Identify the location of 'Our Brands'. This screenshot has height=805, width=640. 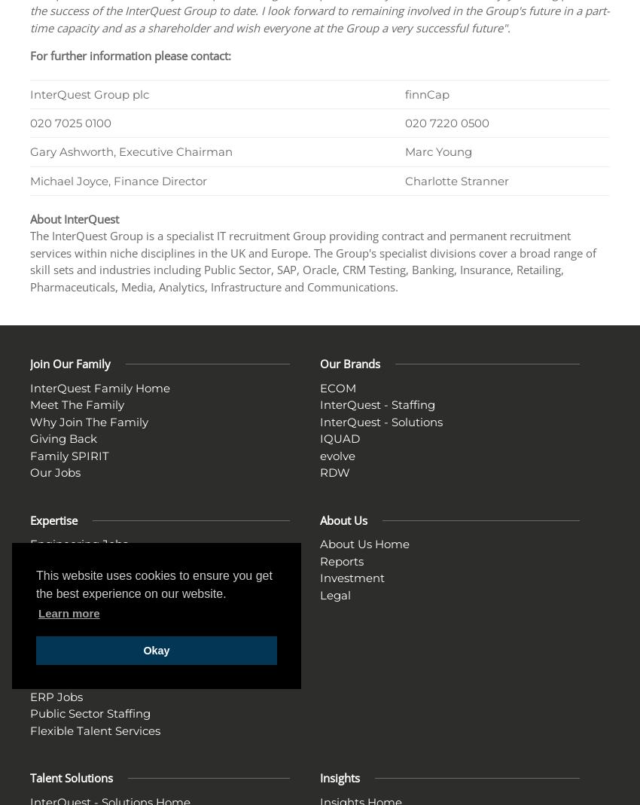
(320, 362).